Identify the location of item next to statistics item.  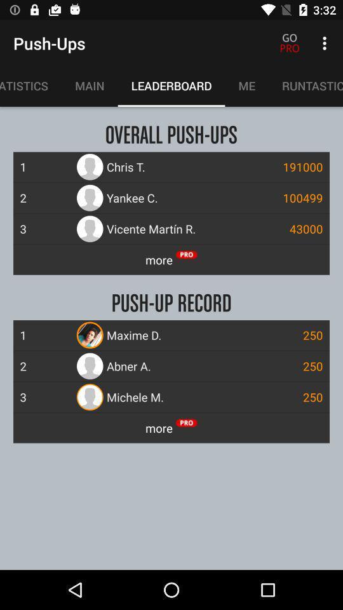
(89, 85).